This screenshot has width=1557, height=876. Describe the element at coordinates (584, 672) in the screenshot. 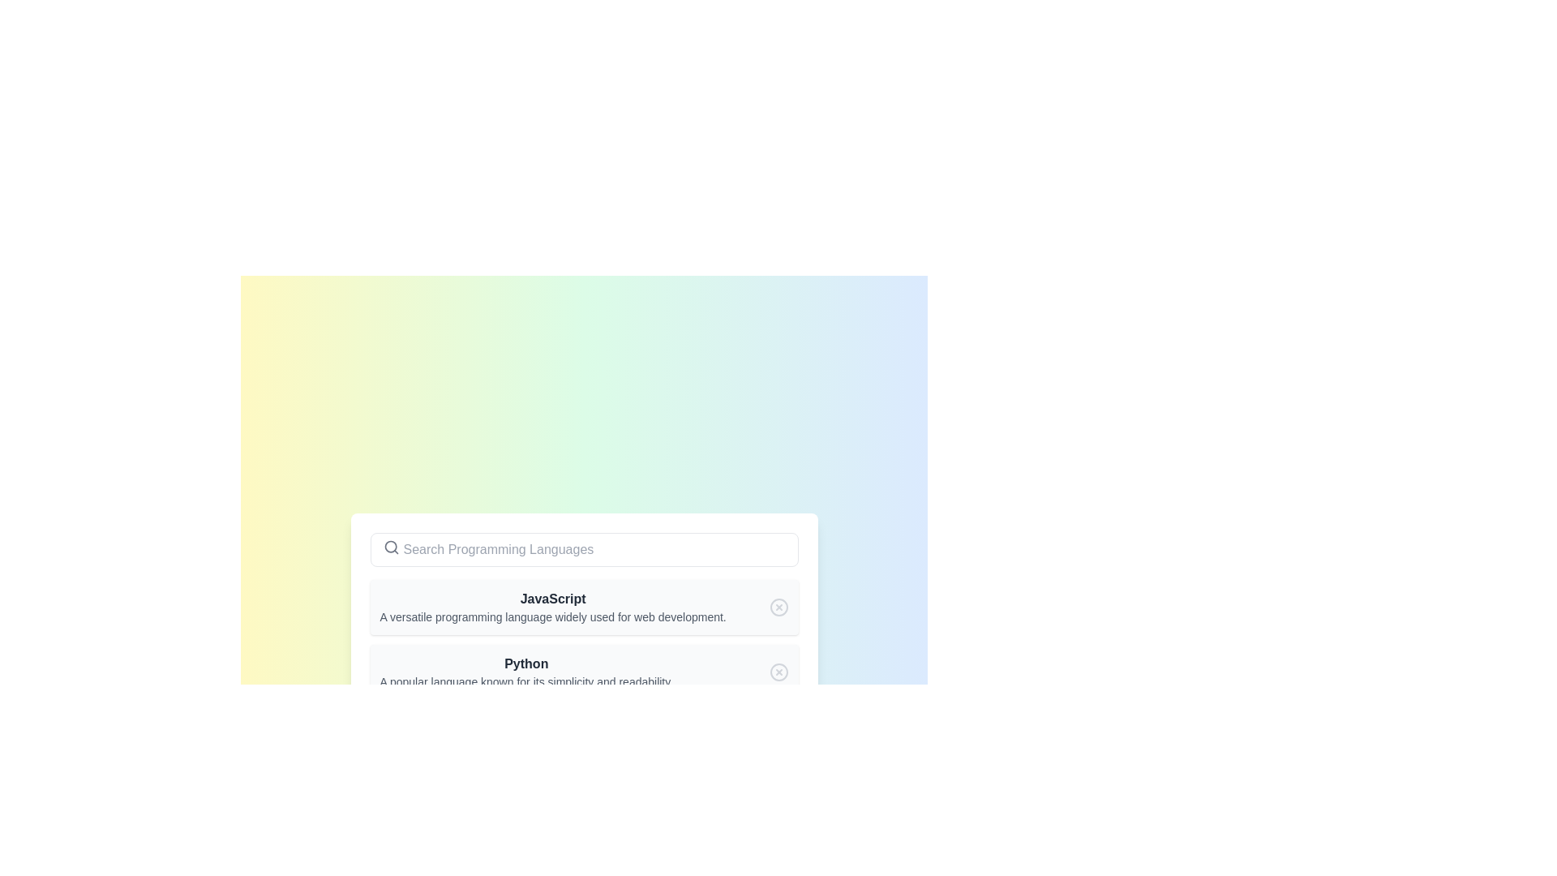

I see `the 'Python' list item component which features a bold title and a descriptive subtitle` at that location.